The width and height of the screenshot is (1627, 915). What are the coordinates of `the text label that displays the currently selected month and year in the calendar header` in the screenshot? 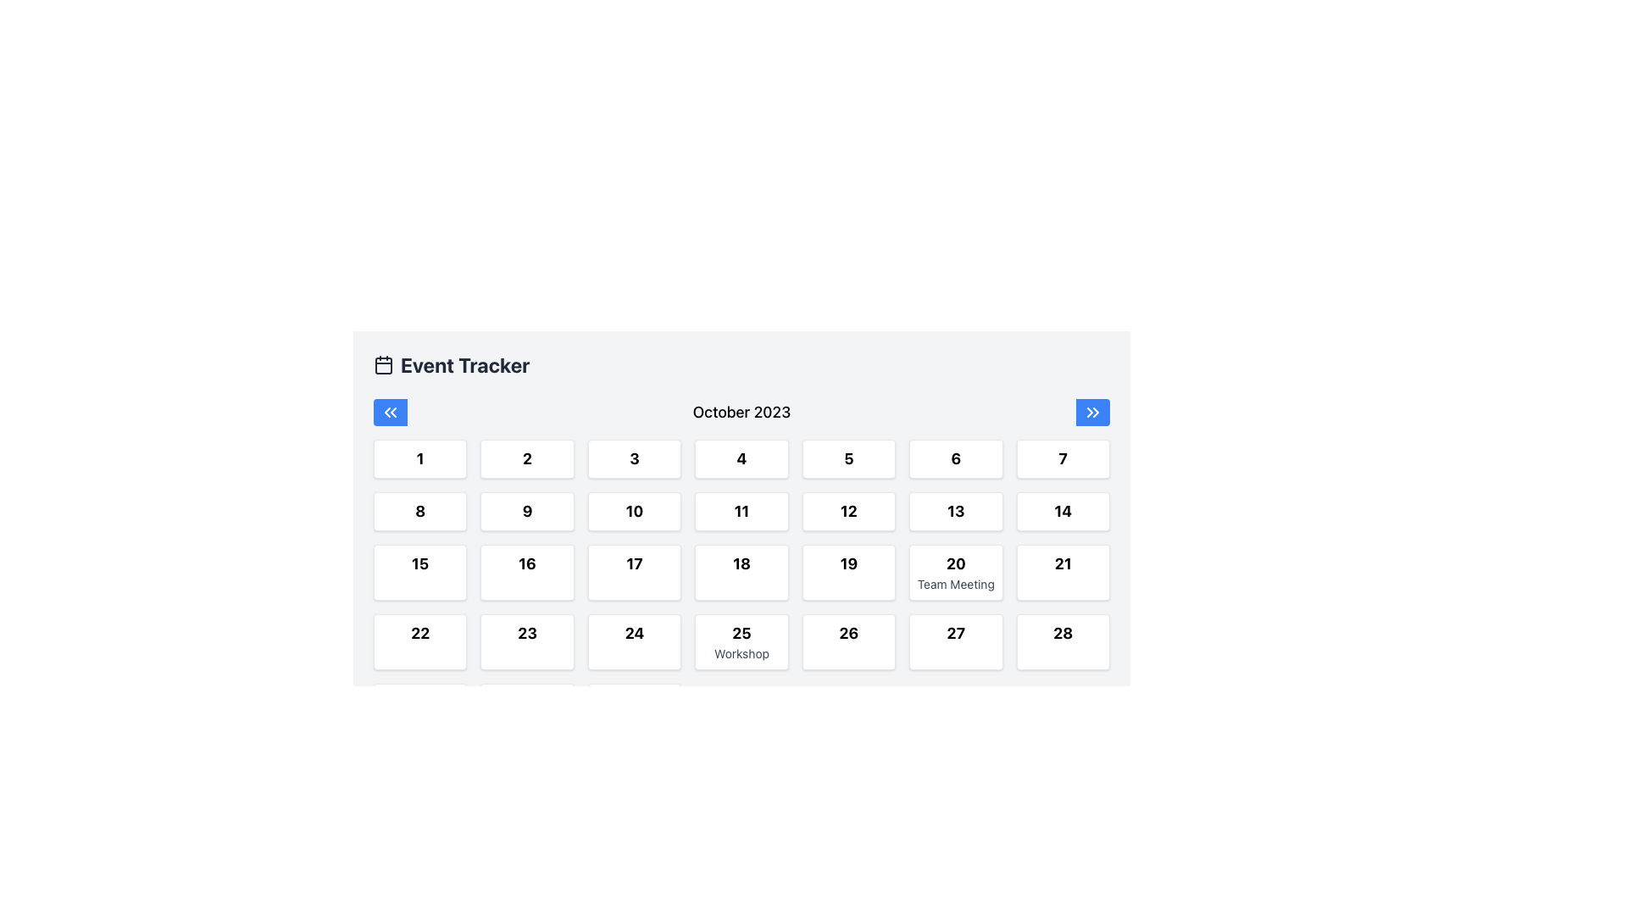 It's located at (741, 412).